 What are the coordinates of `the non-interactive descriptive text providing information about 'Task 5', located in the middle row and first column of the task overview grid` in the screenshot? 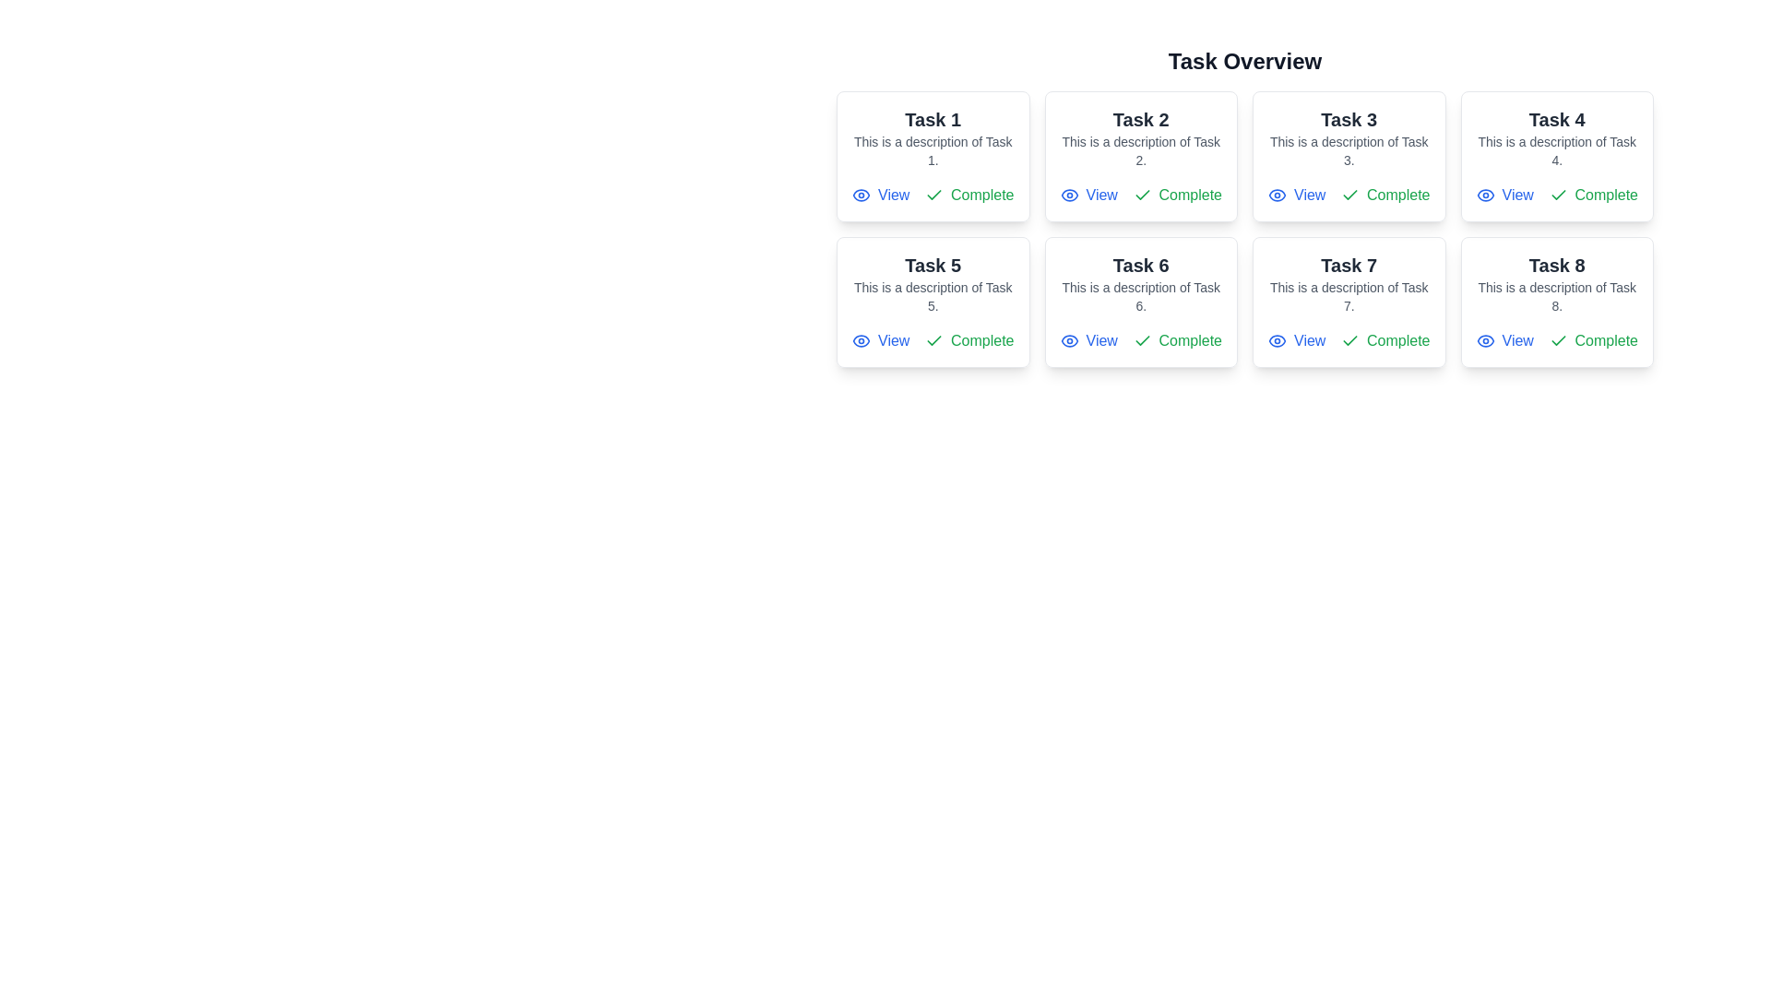 It's located at (933, 295).